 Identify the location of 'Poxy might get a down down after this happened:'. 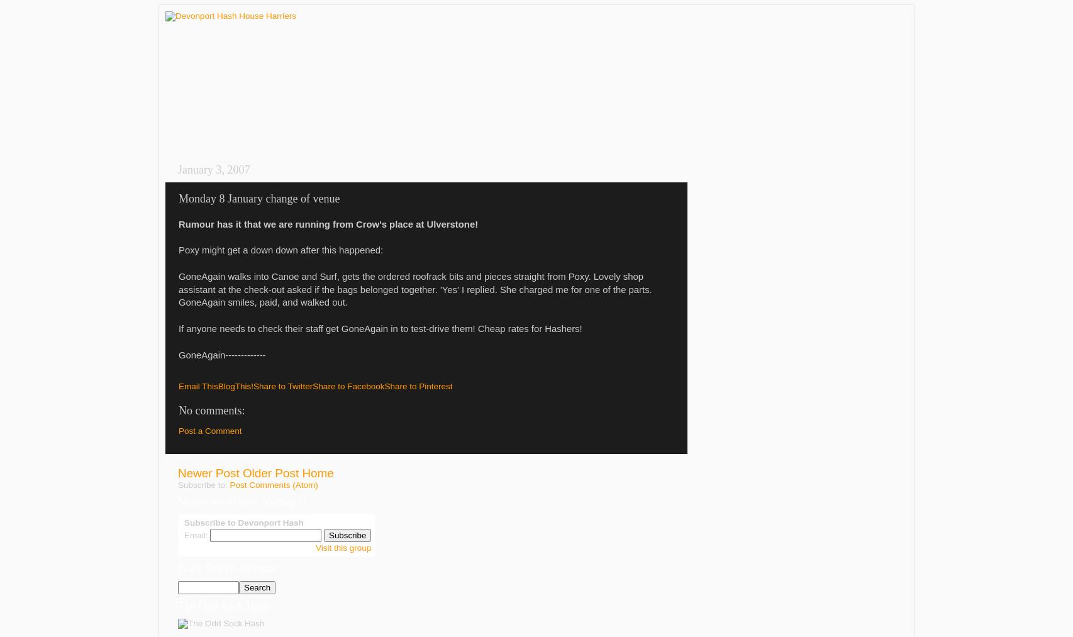
(280, 250).